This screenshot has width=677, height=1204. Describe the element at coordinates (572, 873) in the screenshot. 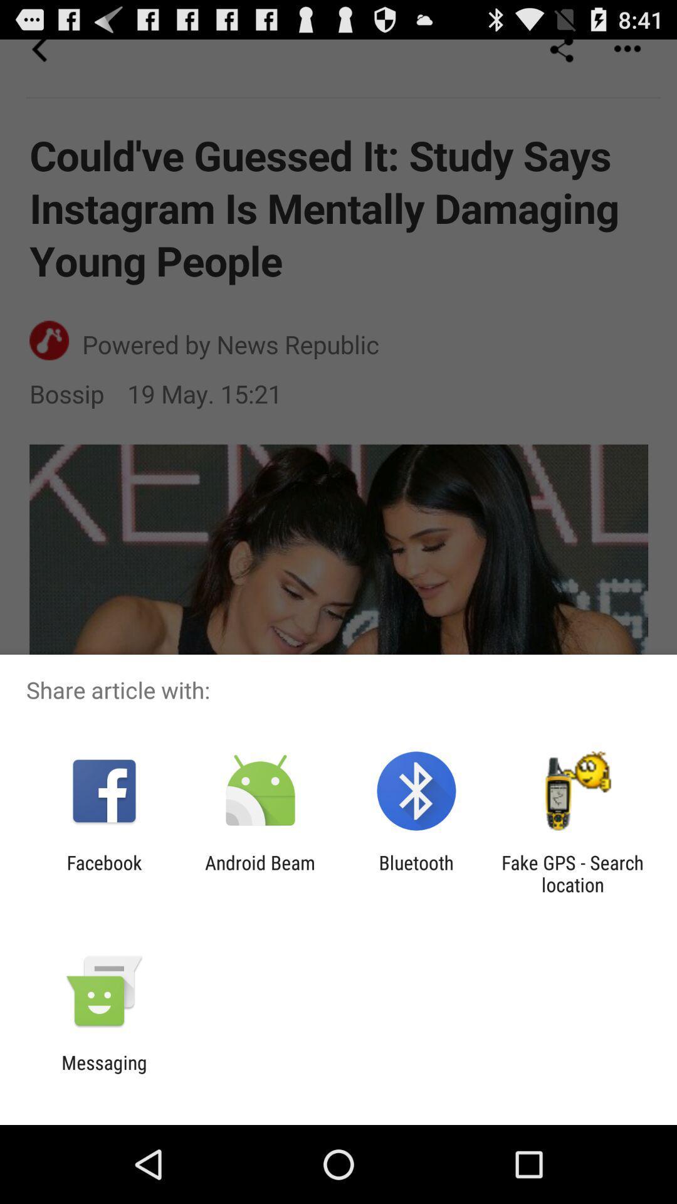

I see `the fake gps search` at that location.